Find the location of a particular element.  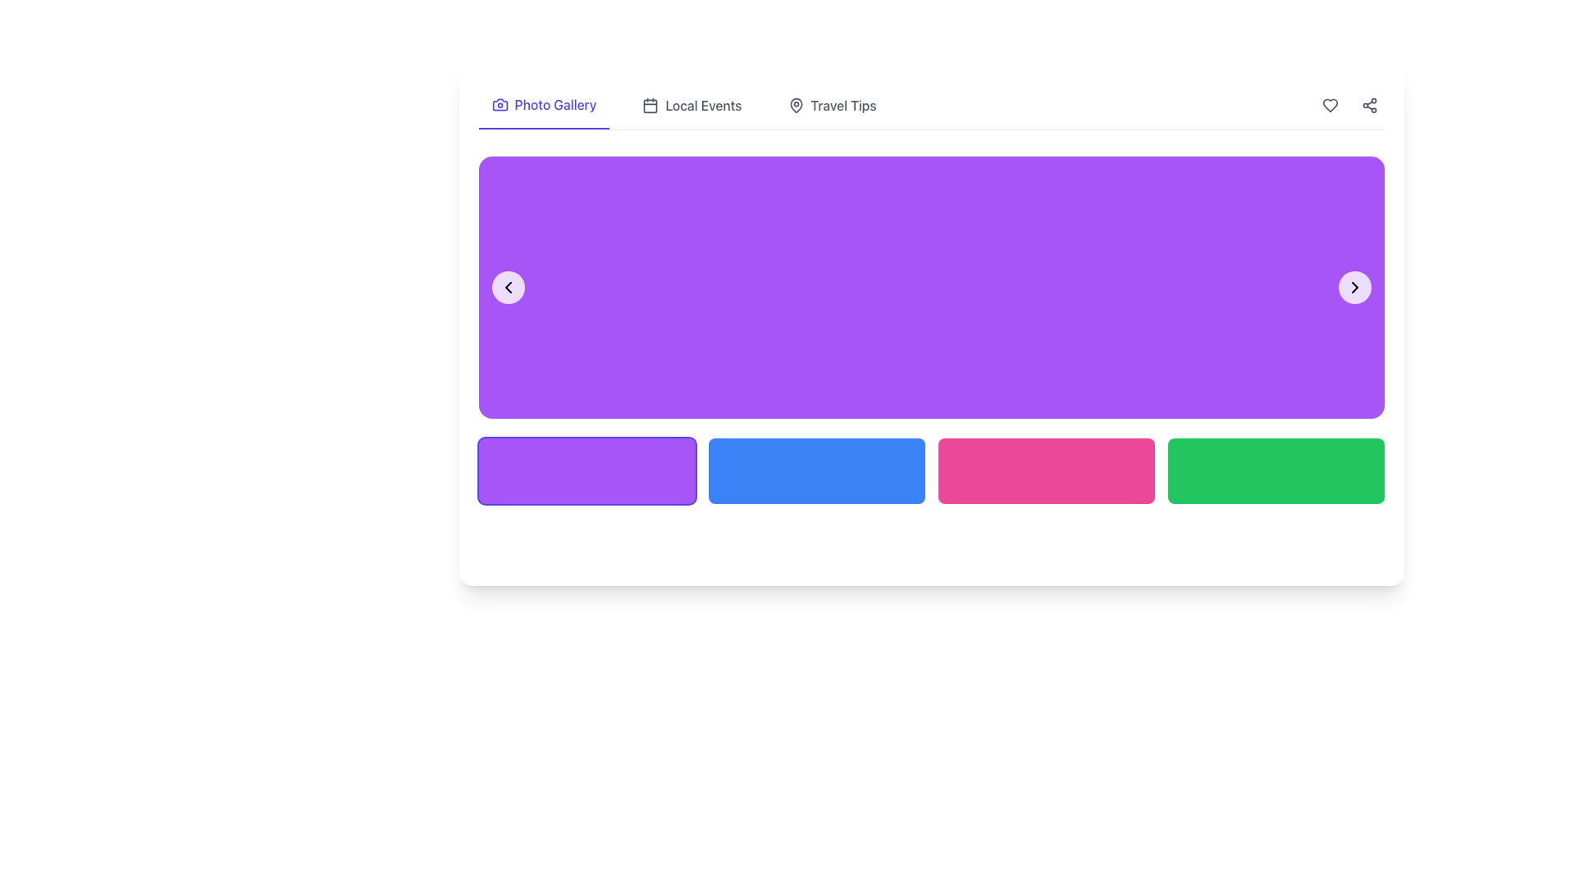

the clickable navigation link for 'Travel Tips' located on the upper site navigation bar, third to the right of 'Photo Gallery' and 'Local Events' is located at coordinates (832, 105).